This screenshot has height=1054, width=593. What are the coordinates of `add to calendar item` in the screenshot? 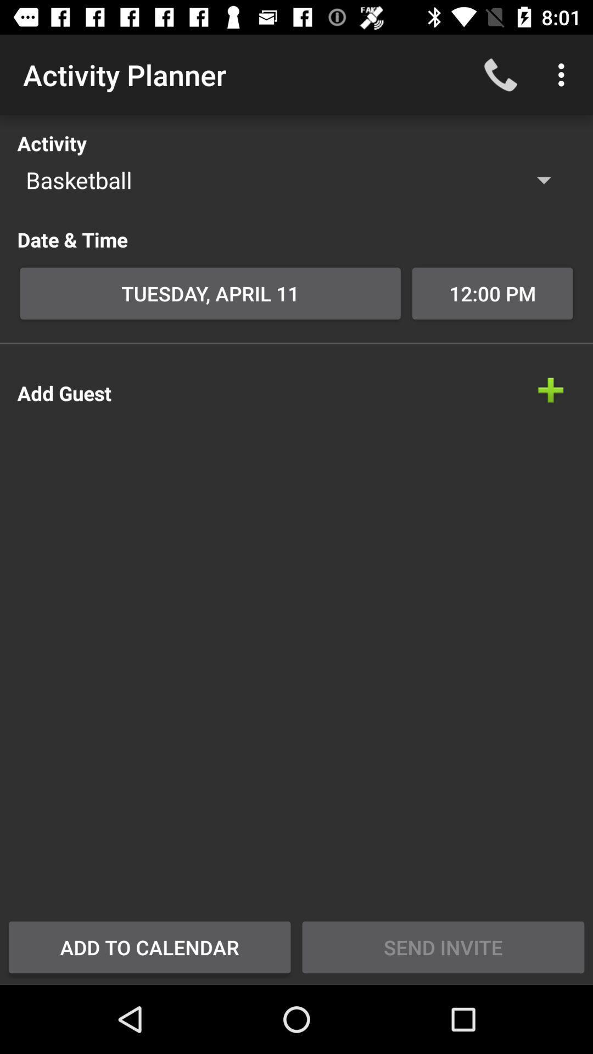 It's located at (149, 946).